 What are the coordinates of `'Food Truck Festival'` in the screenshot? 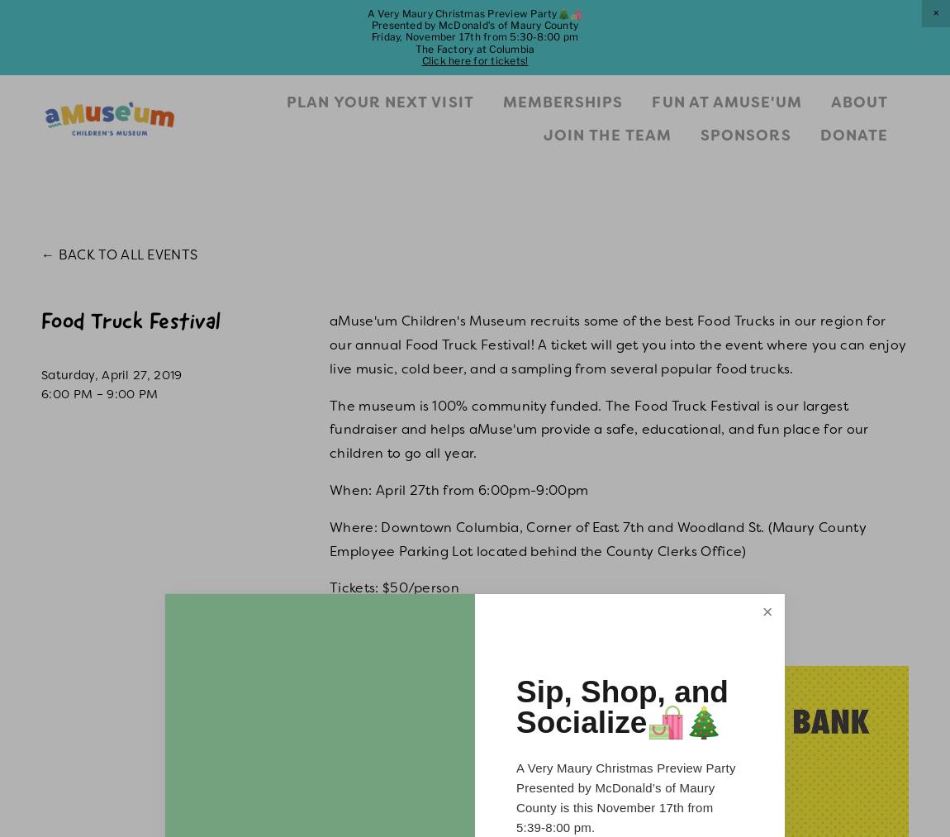 It's located at (130, 323).